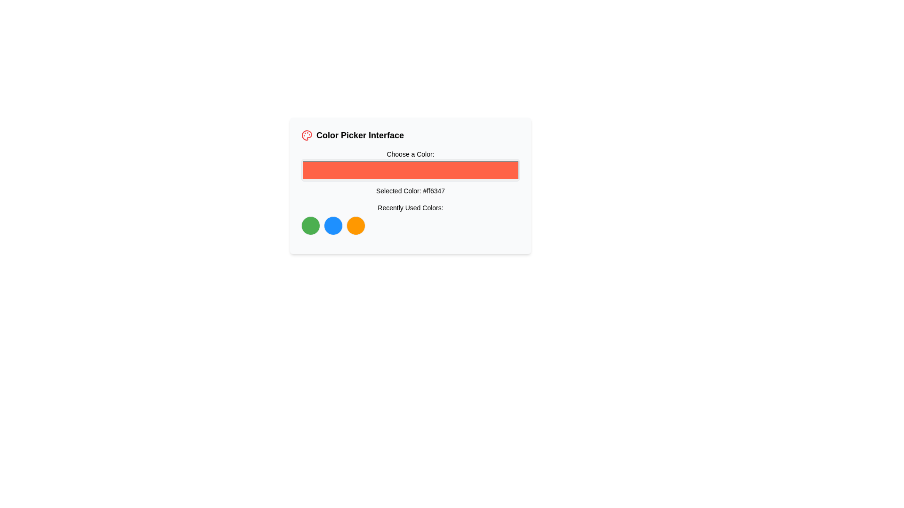  What do you see at coordinates (307, 135) in the screenshot?
I see `the artist's palette icon, which is red with rounded edges and located next to the 'Color Picker Interface' text header, as a visual cue` at bounding box center [307, 135].